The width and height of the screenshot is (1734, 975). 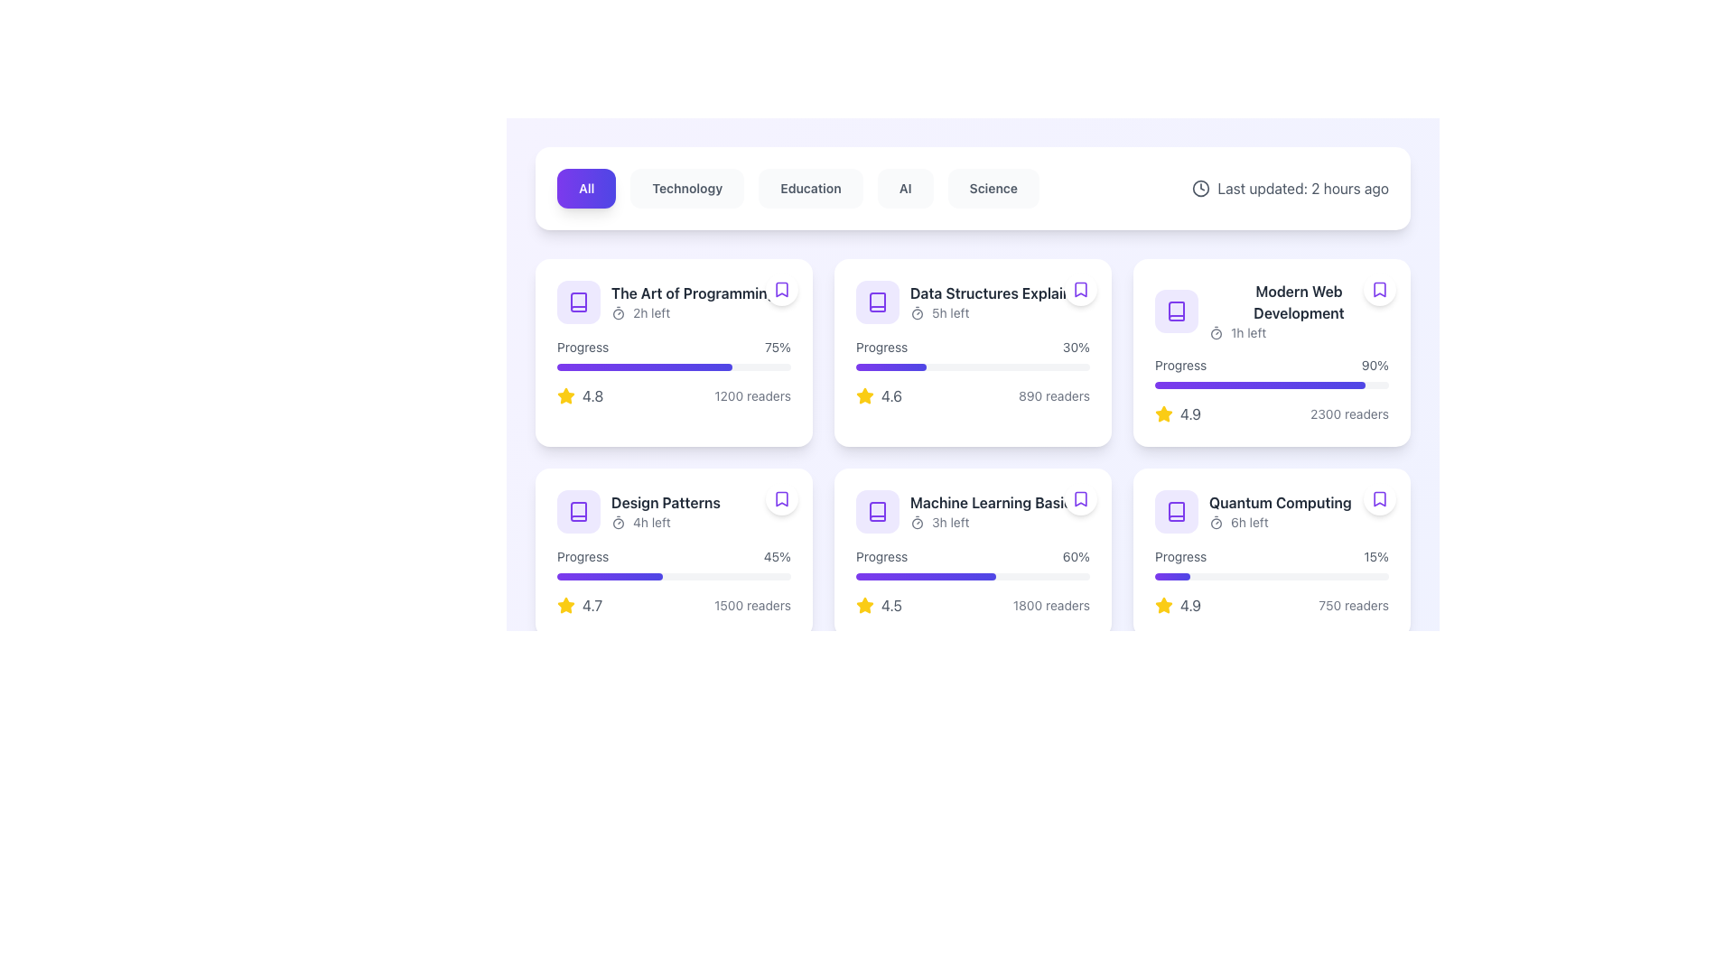 I want to click on the text label displaying '75%' indicating progress percentage, located immediately to the right of the word 'Progress' in the card labeled 'The Art of Programming.', so click(x=778, y=348).